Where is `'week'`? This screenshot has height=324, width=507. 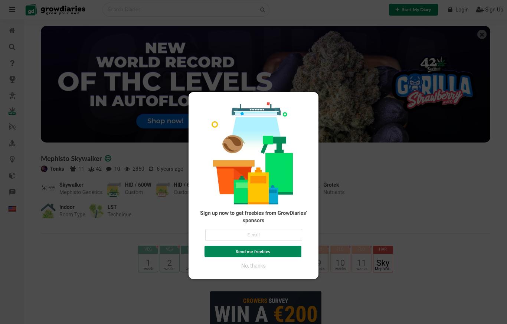 'week' is located at coordinates (148, 268).